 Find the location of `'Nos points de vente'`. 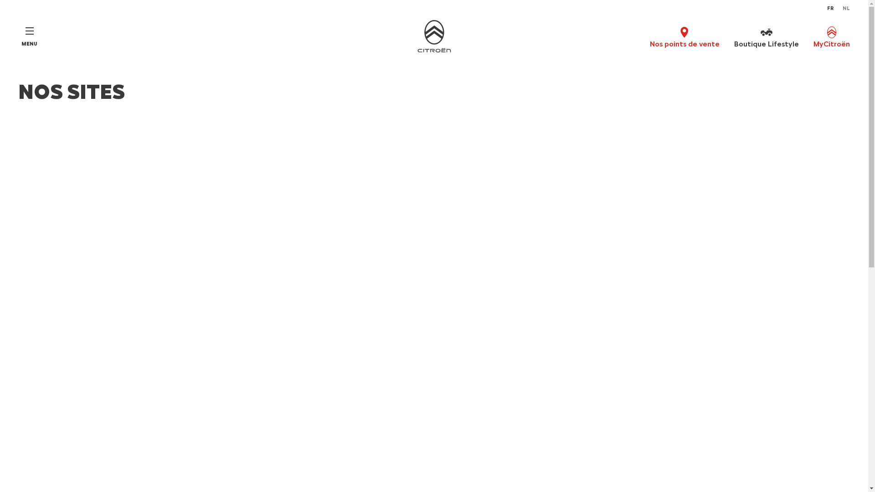

'Nos points de vente' is located at coordinates (685, 36).